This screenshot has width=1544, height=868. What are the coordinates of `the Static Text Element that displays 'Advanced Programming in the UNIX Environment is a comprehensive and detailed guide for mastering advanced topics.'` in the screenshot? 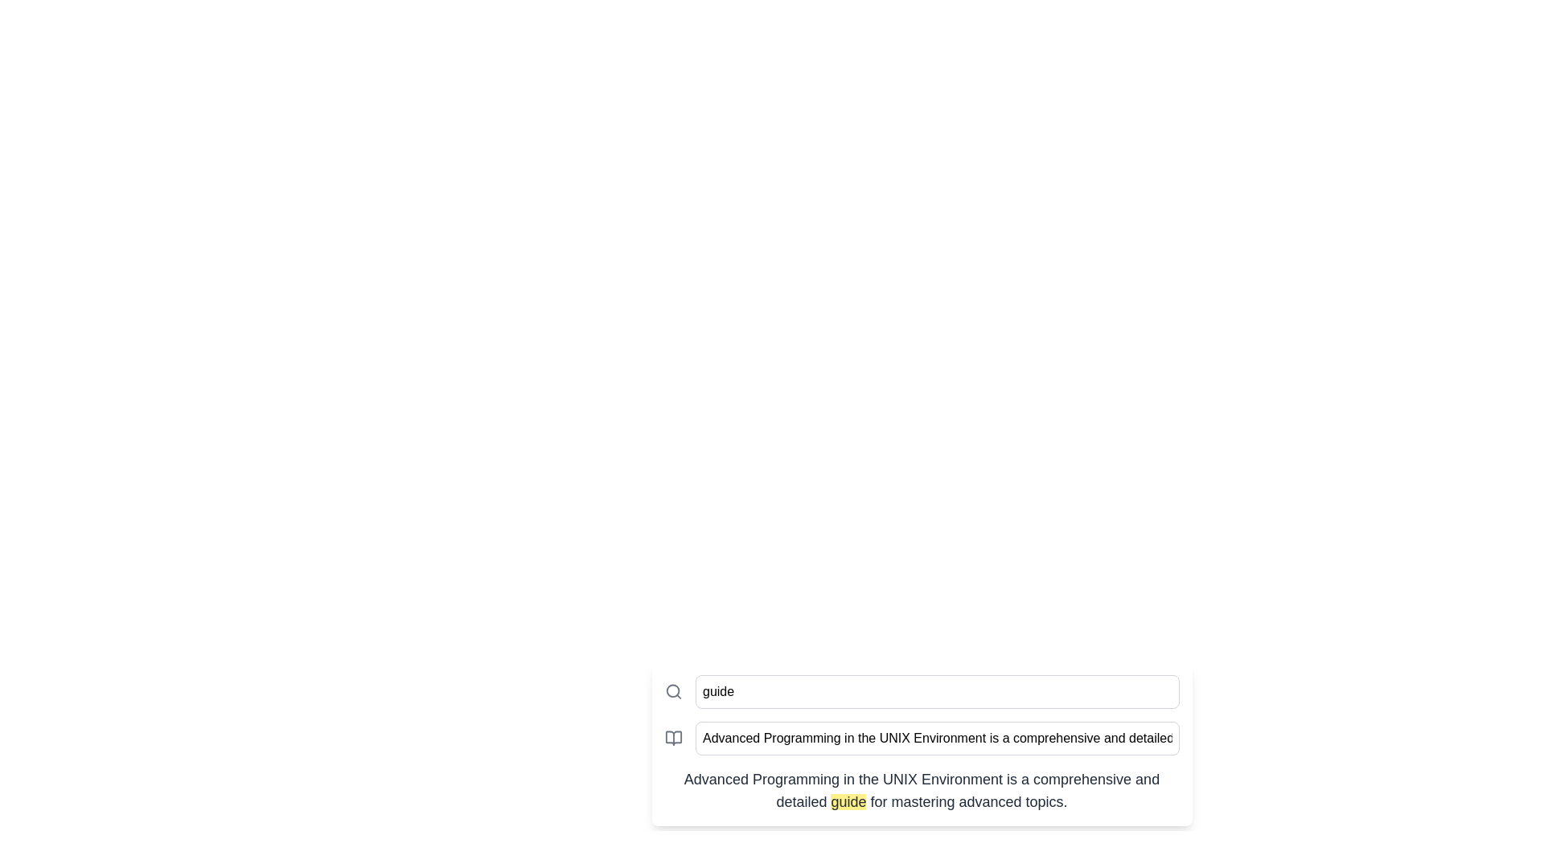 It's located at (922, 743).